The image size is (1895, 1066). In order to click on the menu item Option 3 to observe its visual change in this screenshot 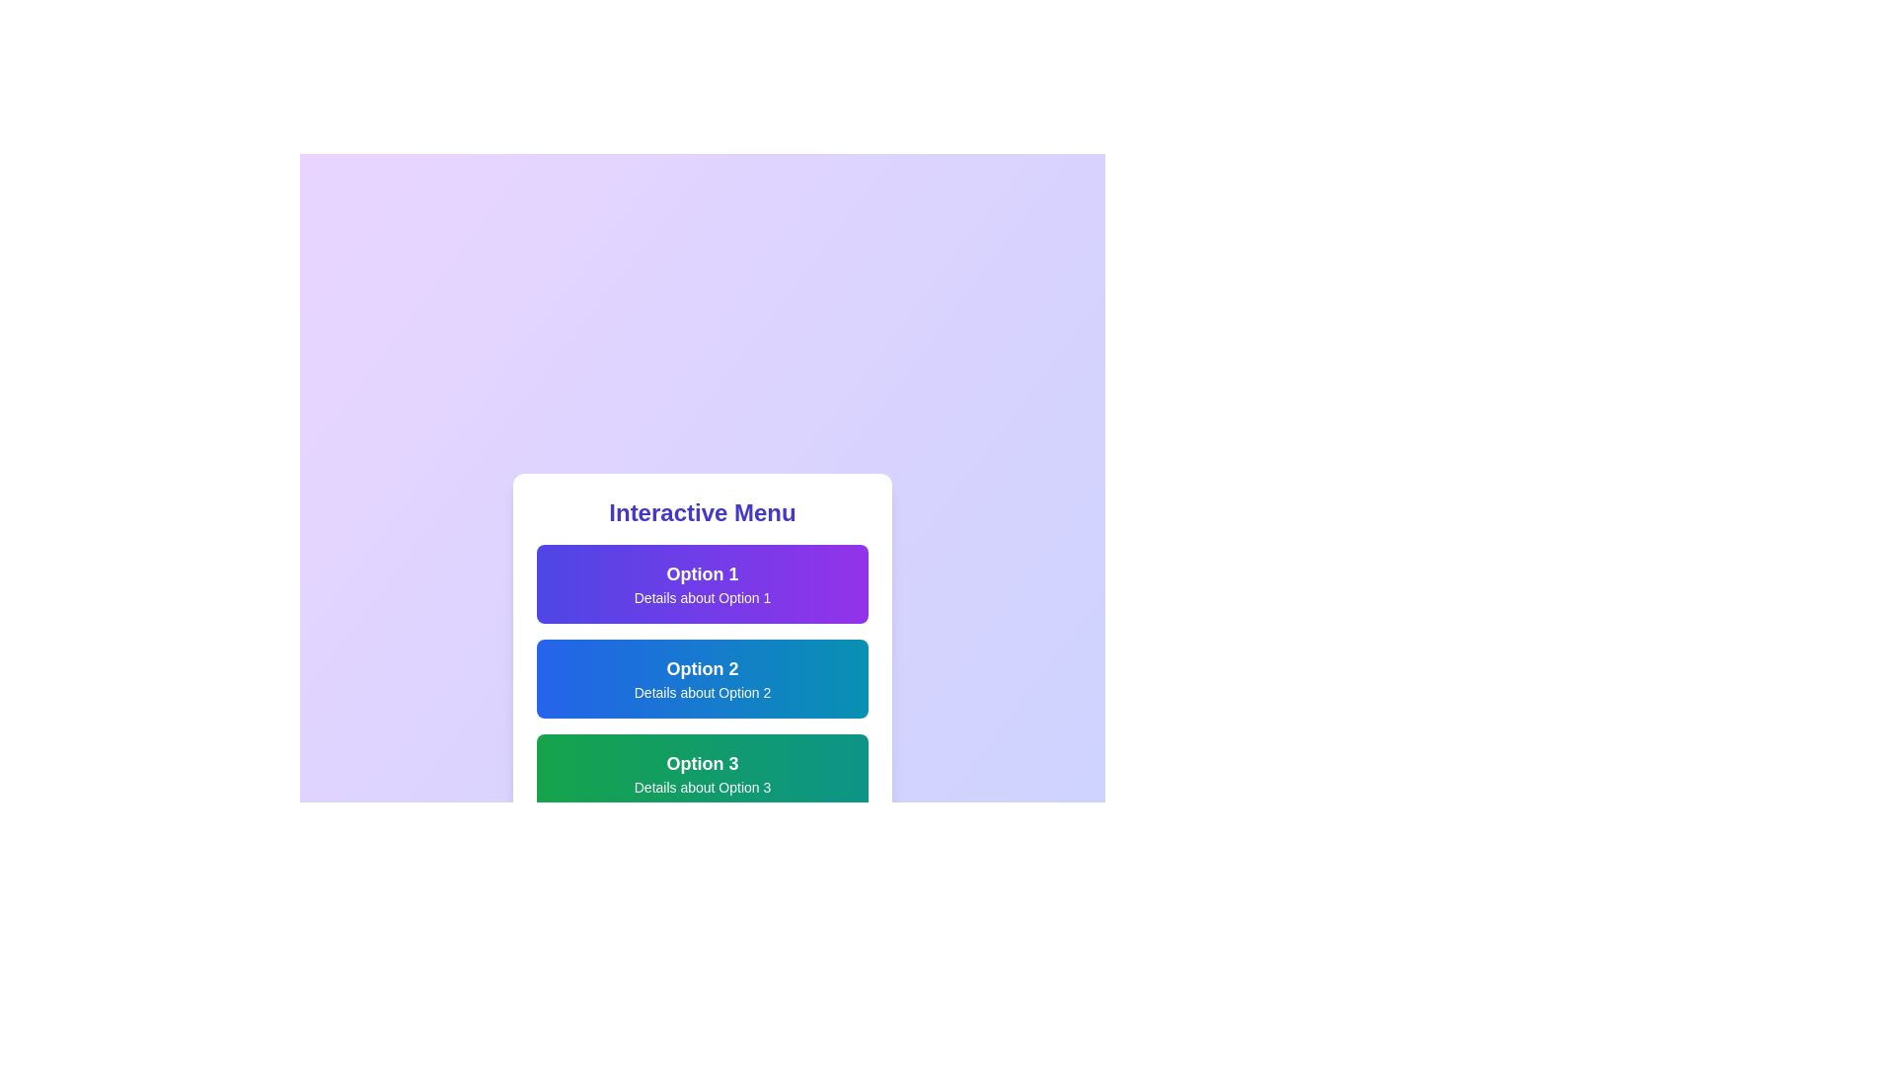, I will do `click(702, 772)`.